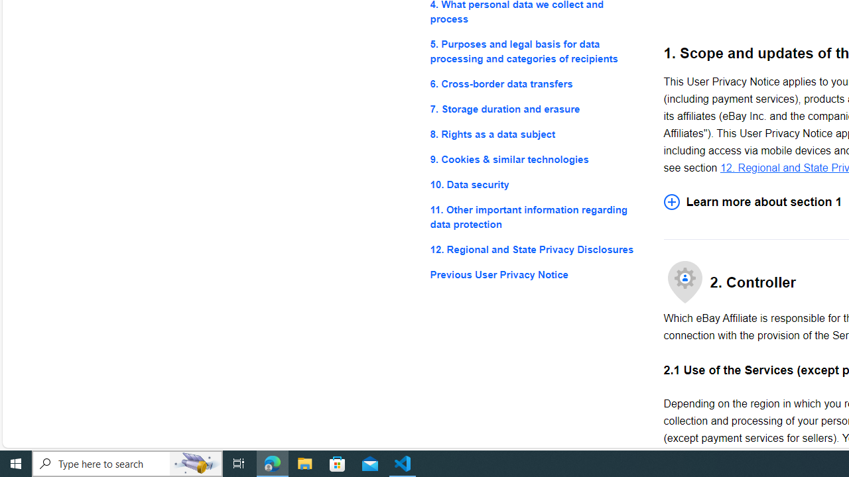  What do you see at coordinates (536, 83) in the screenshot?
I see `'6. Cross-border data transfers'` at bounding box center [536, 83].